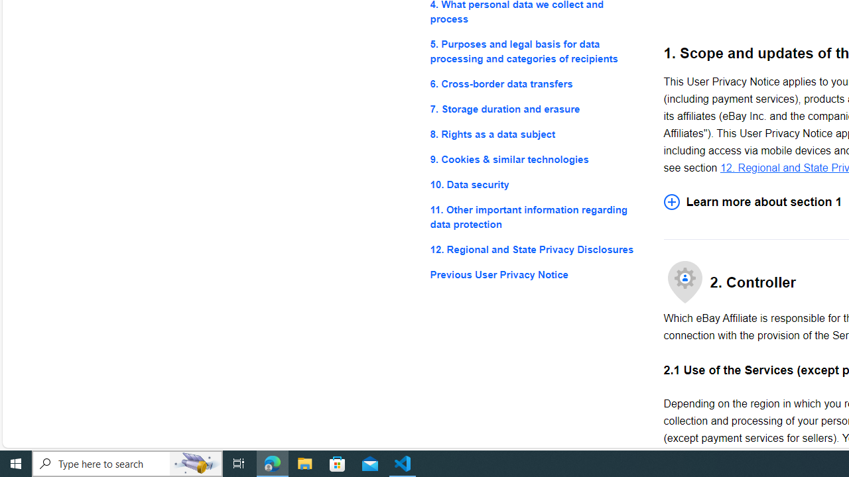  What do you see at coordinates (536, 83) in the screenshot?
I see `'6. Cross-border data transfers'` at bounding box center [536, 83].